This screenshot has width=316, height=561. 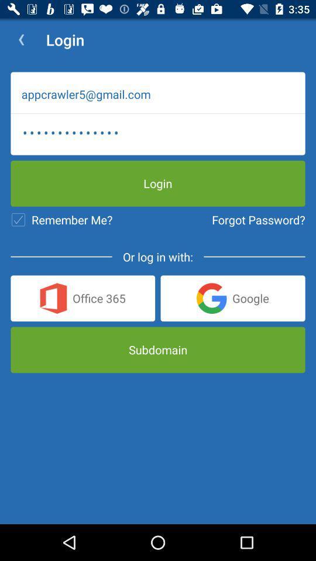 What do you see at coordinates (158, 349) in the screenshot?
I see `the subdomain` at bounding box center [158, 349].